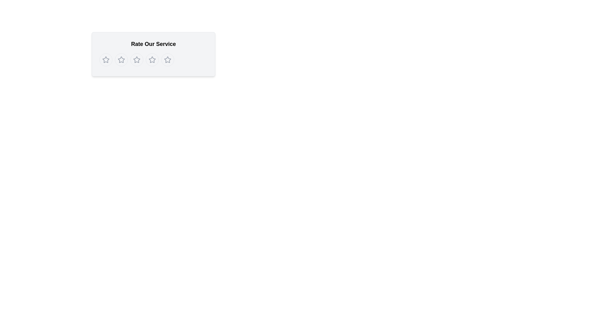 The image size is (593, 333). I want to click on the fourth button in the star-based rating system, so click(152, 60).